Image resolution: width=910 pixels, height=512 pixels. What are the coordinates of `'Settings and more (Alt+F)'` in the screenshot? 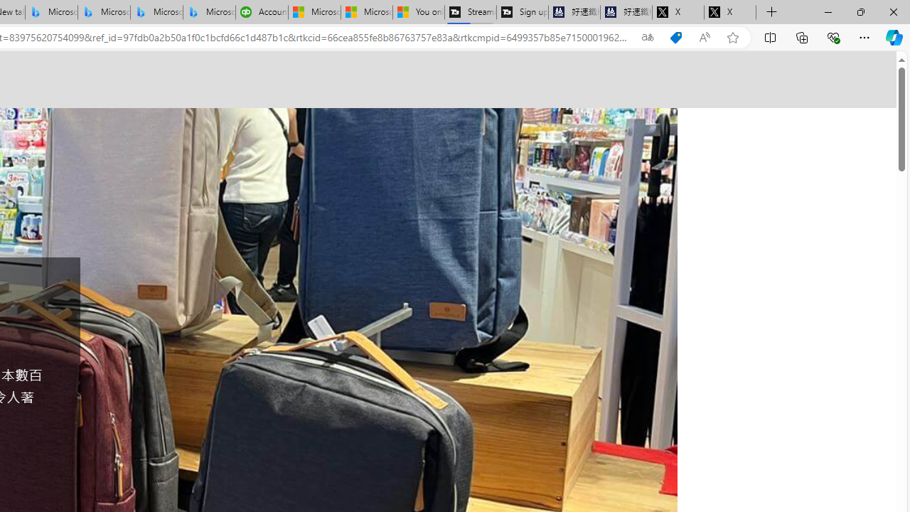 It's located at (864, 36).